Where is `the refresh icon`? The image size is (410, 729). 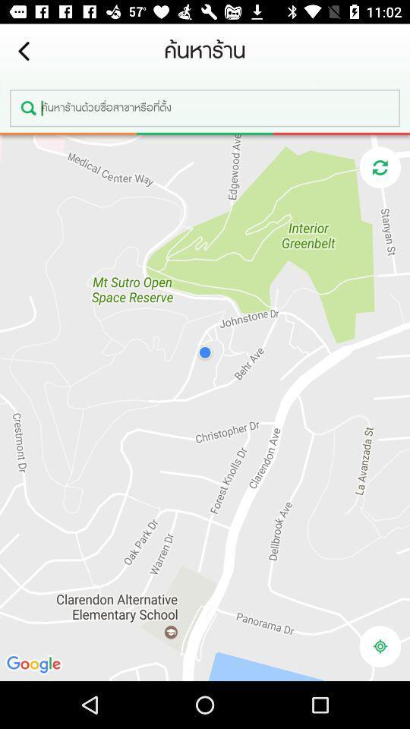 the refresh icon is located at coordinates (379, 167).